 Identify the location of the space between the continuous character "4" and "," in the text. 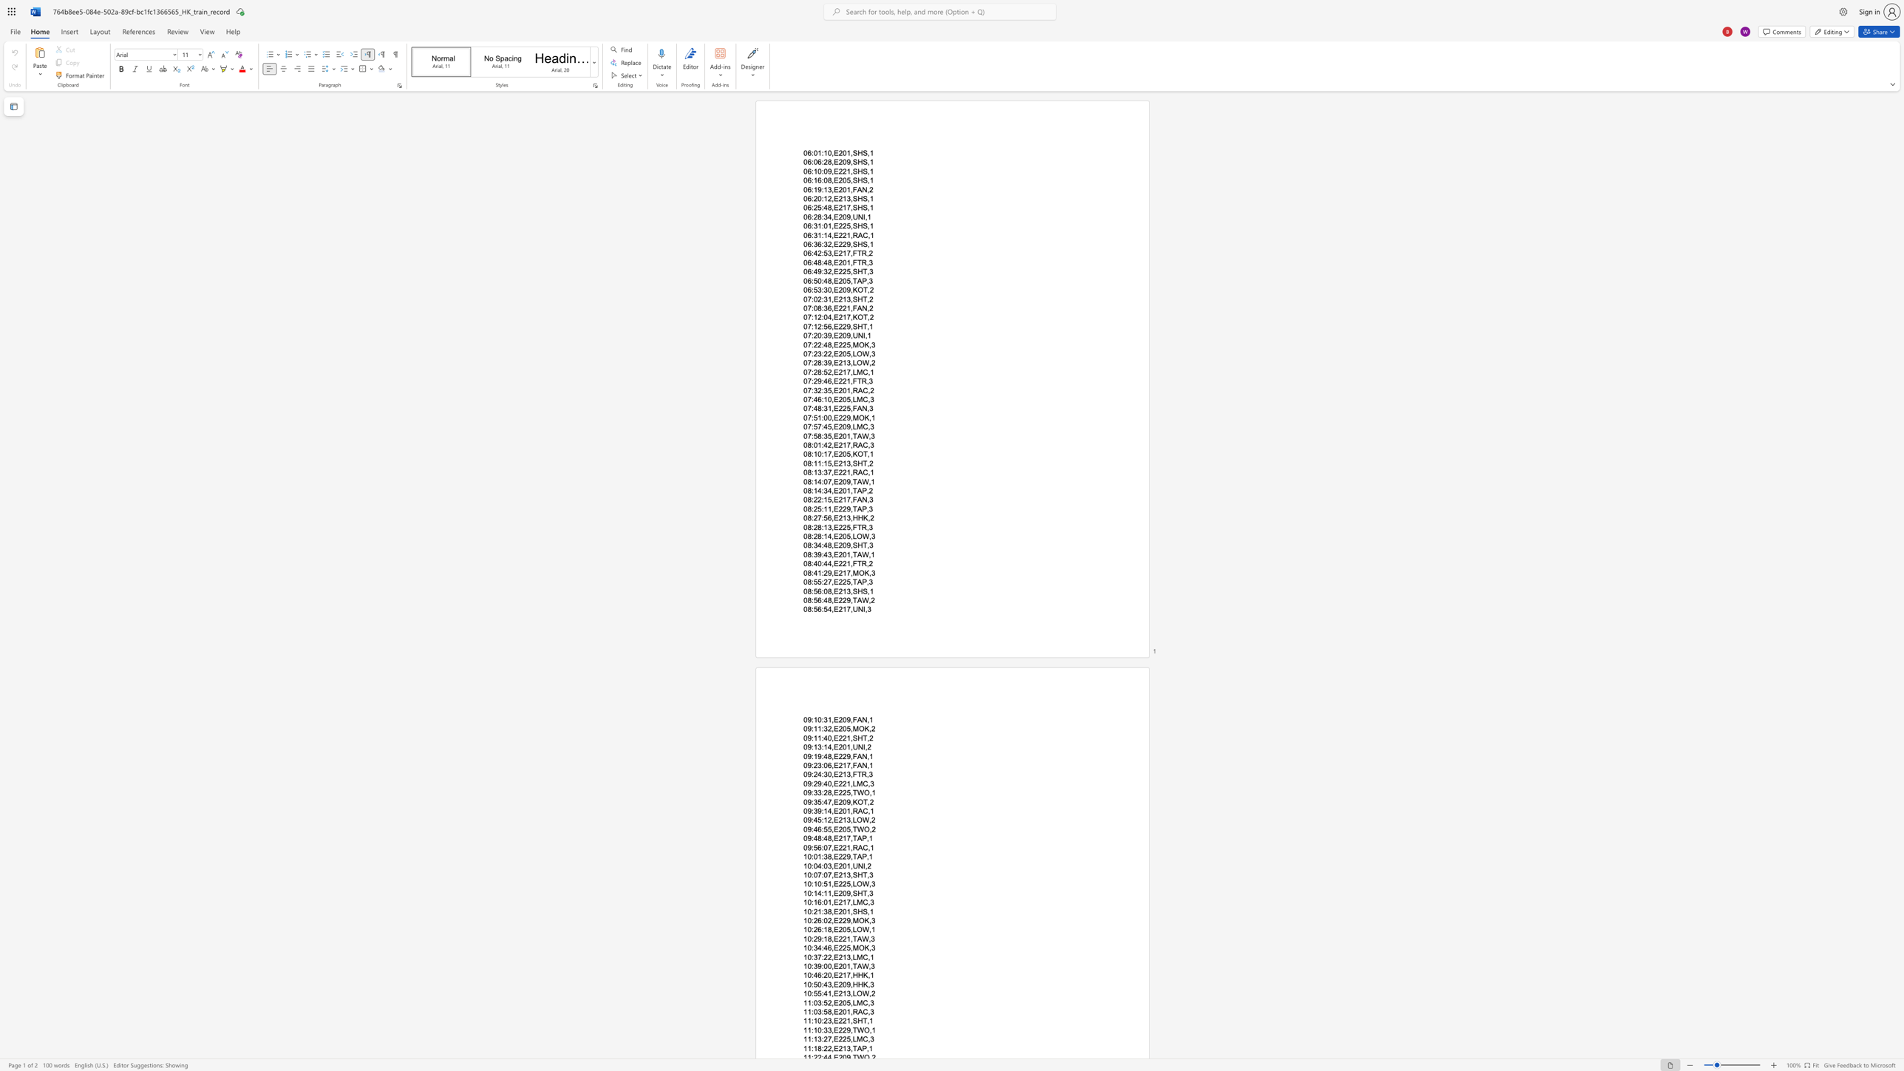
(831, 317).